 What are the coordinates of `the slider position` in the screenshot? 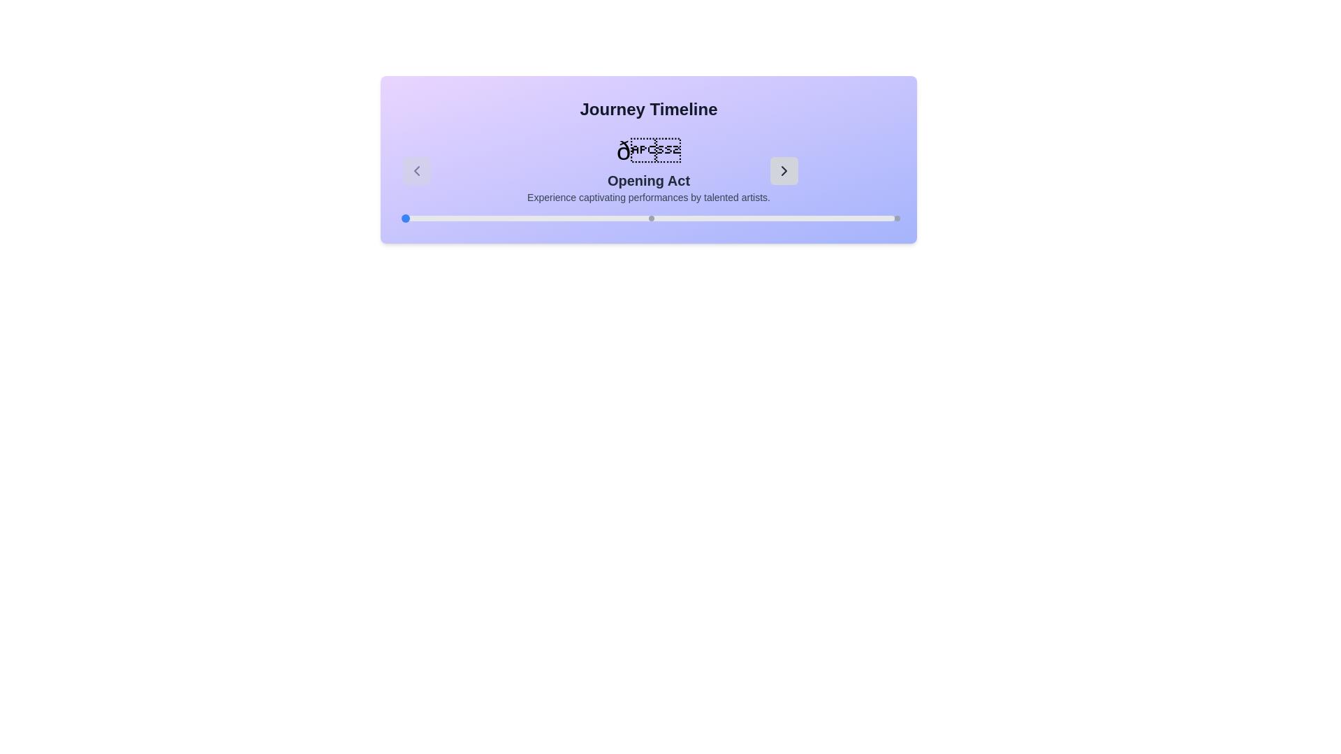 It's located at (821, 218).